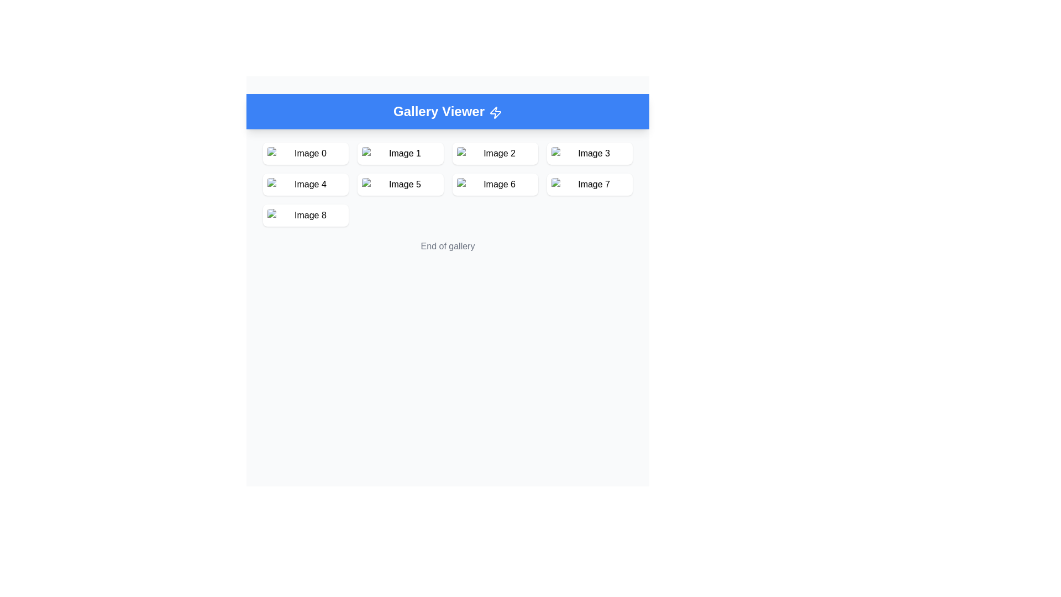 Image resolution: width=1061 pixels, height=597 pixels. I want to click on the image placeholder located in the second row and second column of the grid layout, which has a white background and rounded corners, so click(400, 184).